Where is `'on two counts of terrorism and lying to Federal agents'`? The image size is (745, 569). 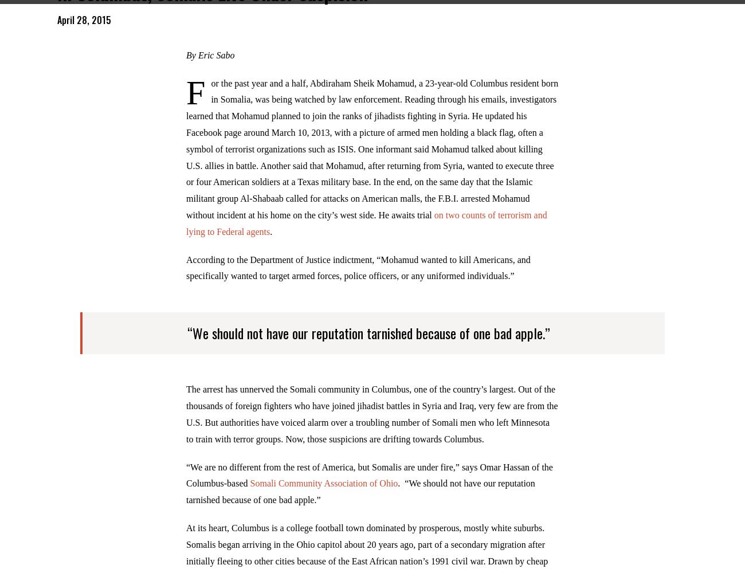 'on two counts of terrorism and lying to Federal agents' is located at coordinates (366, 230).